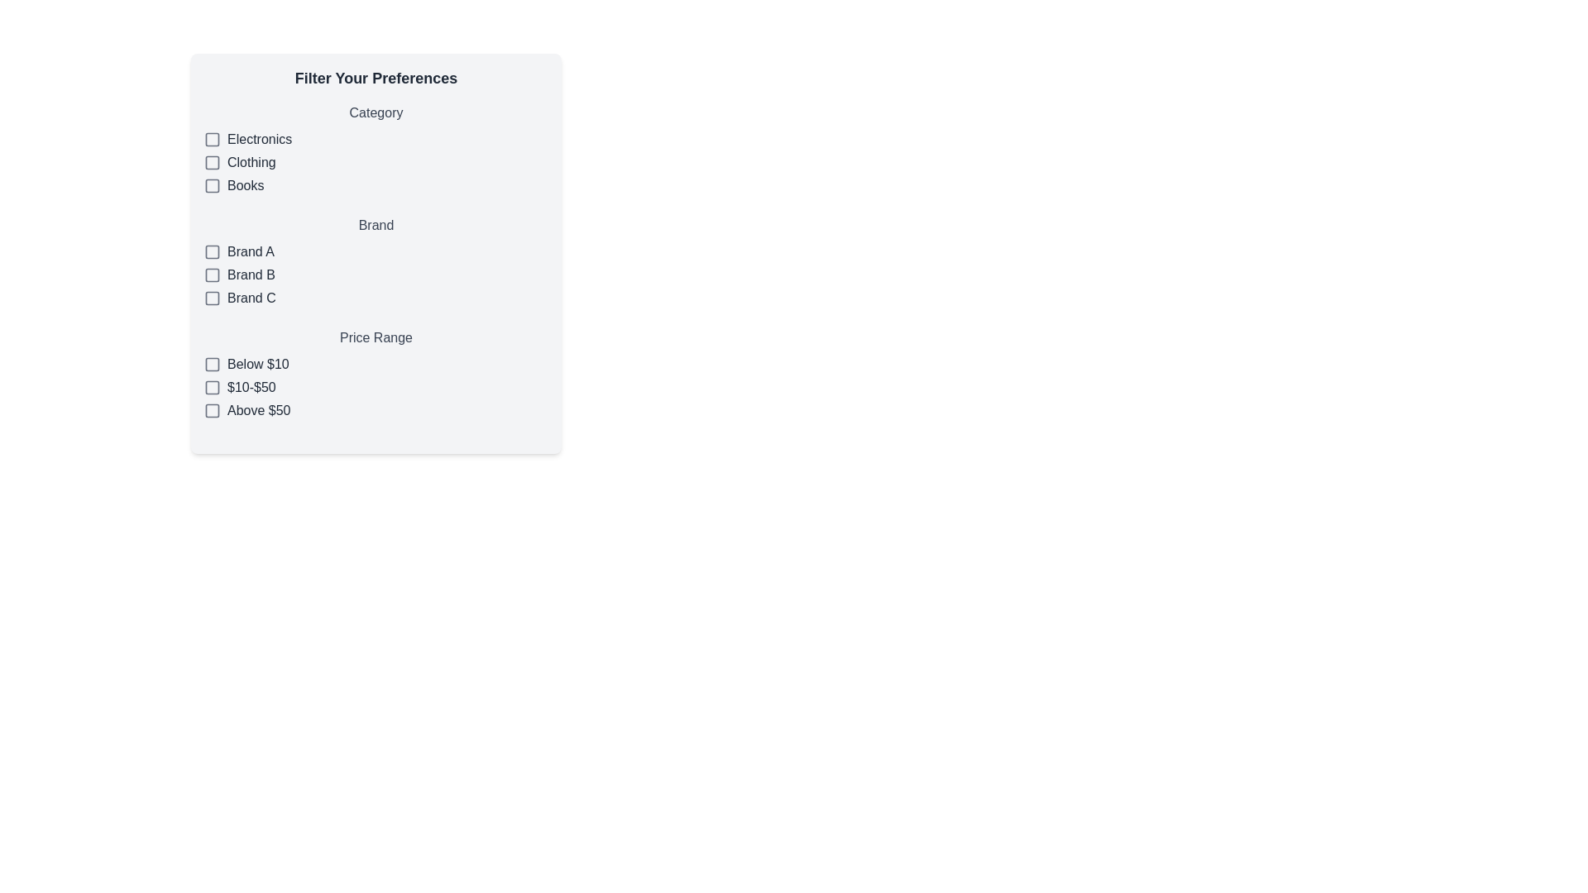 Image resolution: width=1588 pixels, height=893 pixels. Describe the element at coordinates (257, 363) in the screenshot. I see `the static text label that describes the checkbox option for filtering items priced below $10, located next to the checkbox in the 'Price Range' section` at that location.